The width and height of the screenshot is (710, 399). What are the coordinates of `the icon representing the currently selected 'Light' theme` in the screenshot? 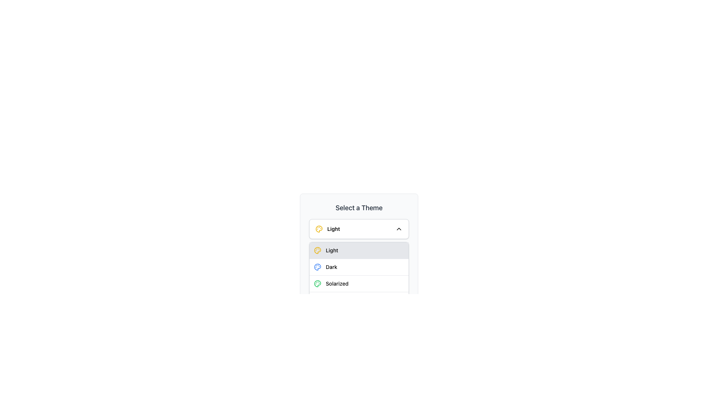 It's located at (327, 229).